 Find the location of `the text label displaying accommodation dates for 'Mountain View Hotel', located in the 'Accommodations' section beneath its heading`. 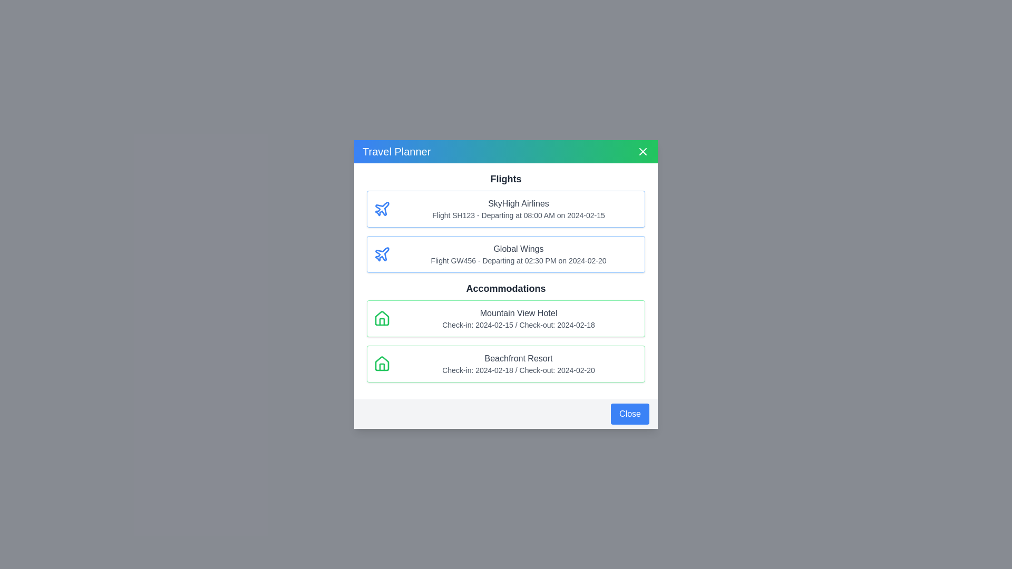

the text label displaying accommodation dates for 'Mountain View Hotel', located in the 'Accommodations' section beneath its heading is located at coordinates (518, 325).